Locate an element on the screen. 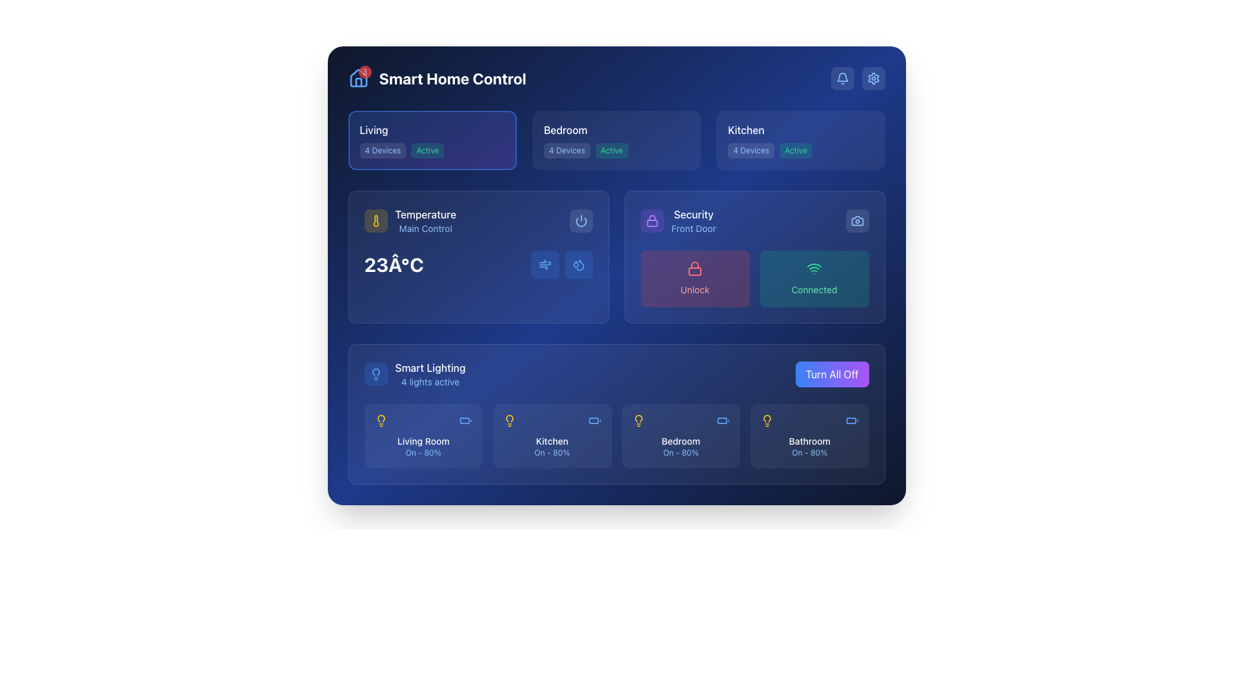 The width and height of the screenshot is (1239, 696). the button with a water droplet icon, styled with a blue background and rounded corners, located to the right of the temperature control display is located at coordinates (578, 264).